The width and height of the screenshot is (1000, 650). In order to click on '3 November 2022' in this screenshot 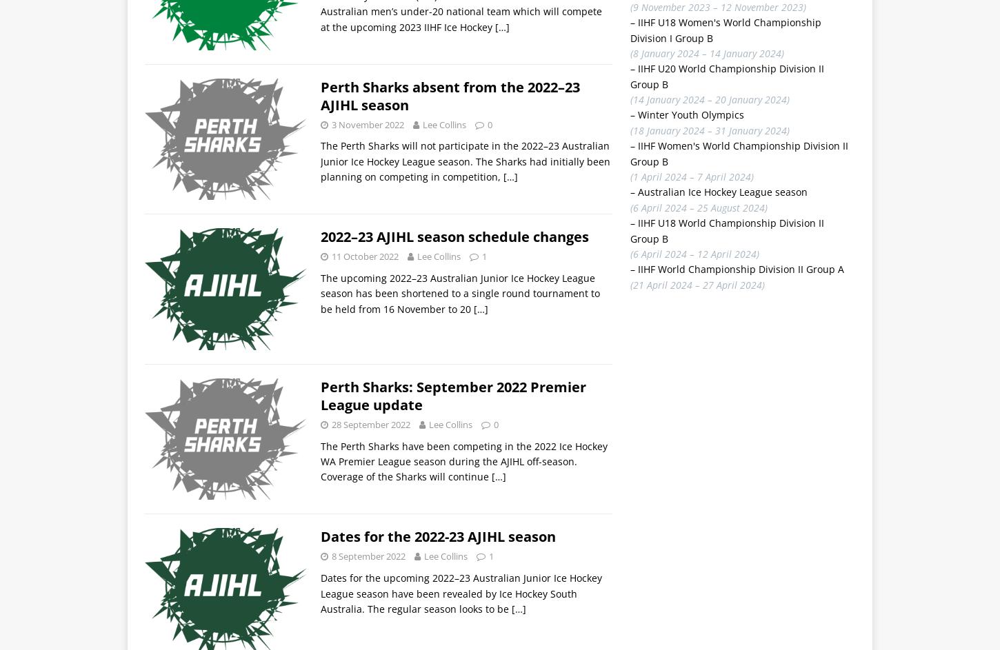, I will do `click(368, 123)`.